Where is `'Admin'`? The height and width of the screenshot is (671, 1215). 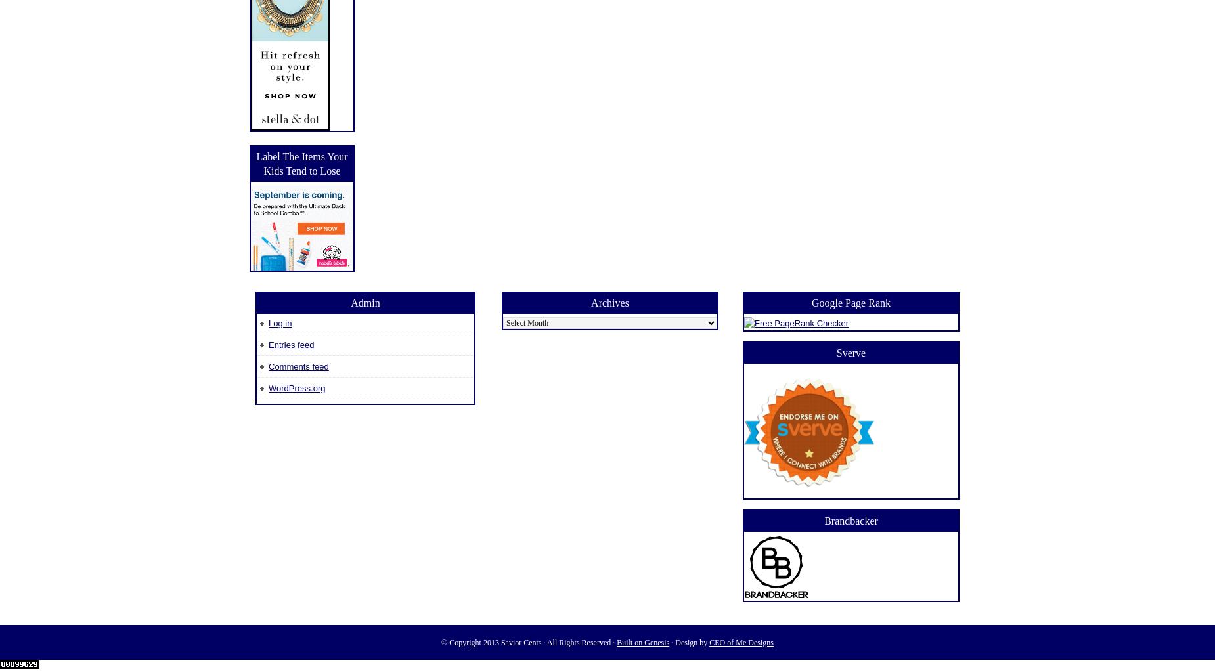
'Admin' is located at coordinates (364, 302).